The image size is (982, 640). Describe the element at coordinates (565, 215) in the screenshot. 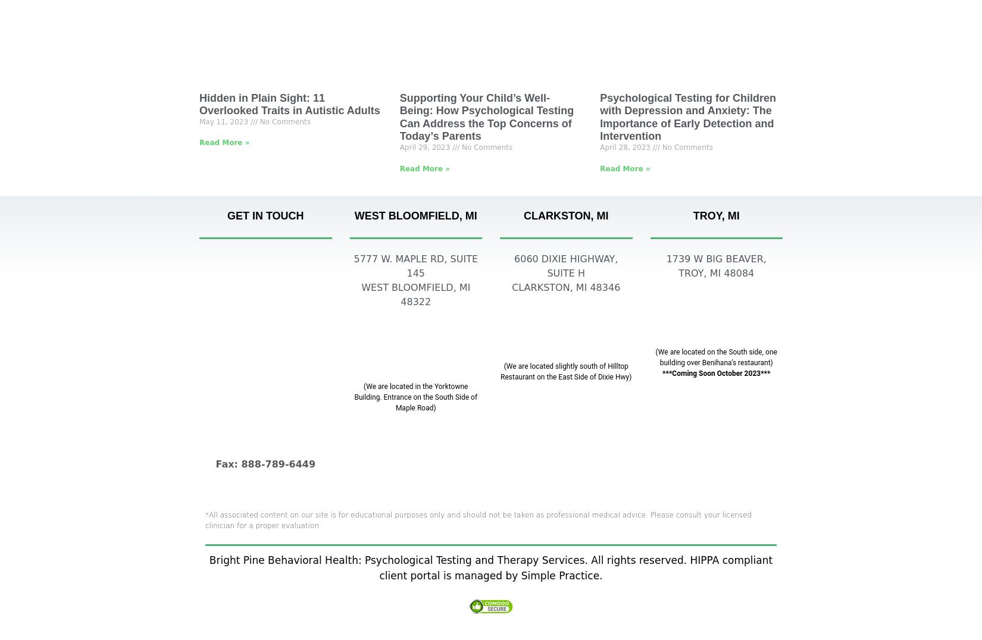

I see `'CLARKSTON, MI'` at that location.